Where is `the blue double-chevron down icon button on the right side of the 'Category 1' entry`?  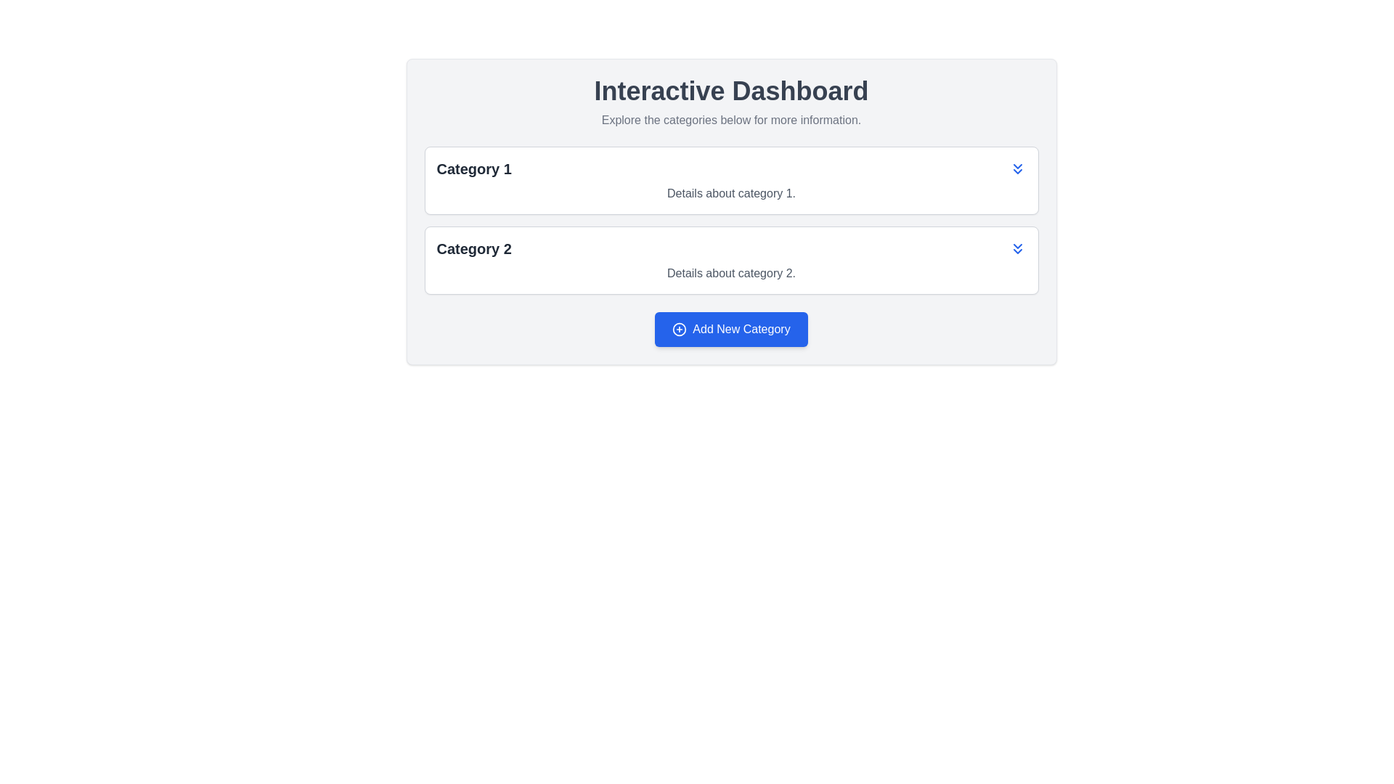
the blue double-chevron down icon button on the right side of the 'Category 1' entry is located at coordinates (1016, 168).